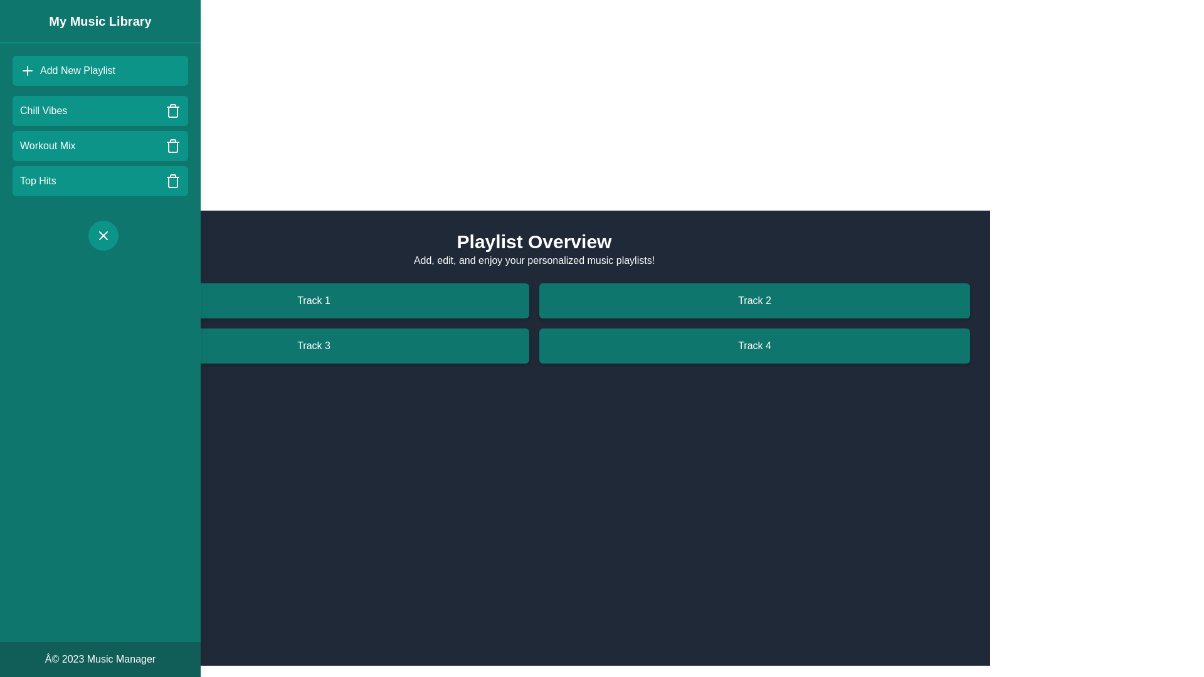 This screenshot has height=677, width=1204. Describe the element at coordinates (99, 659) in the screenshot. I see `the static text label displaying '© 2023 Music Manager' in white font on a teal background located at the bottom left of the interface` at that location.